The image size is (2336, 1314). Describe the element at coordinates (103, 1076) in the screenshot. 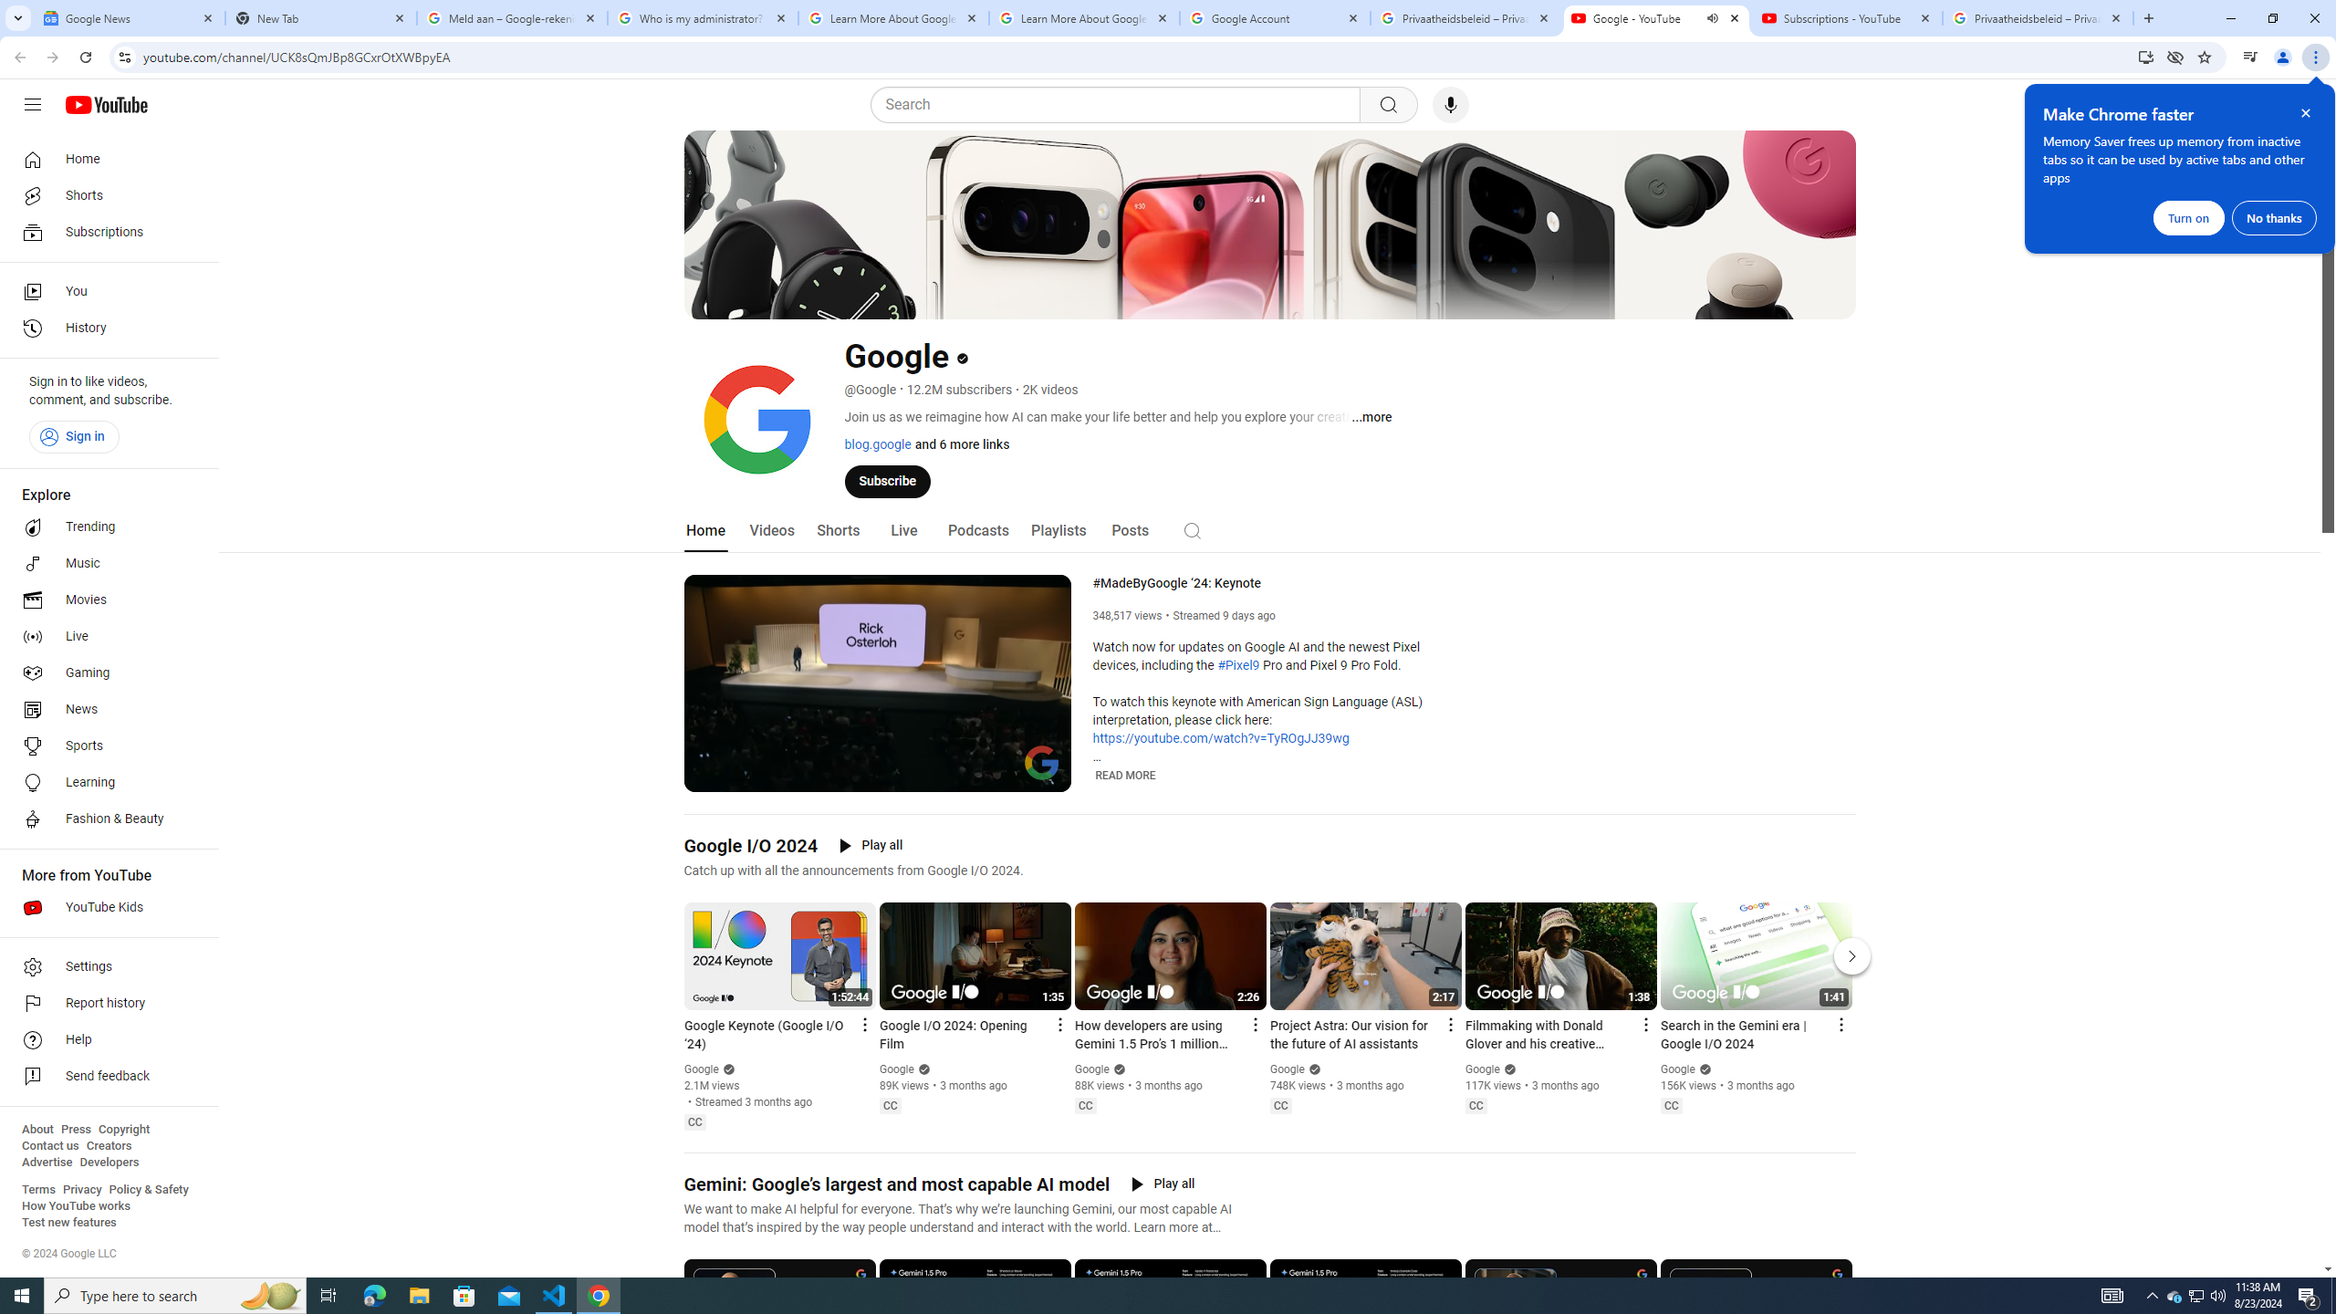

I see `'Send feedback'` at that location.